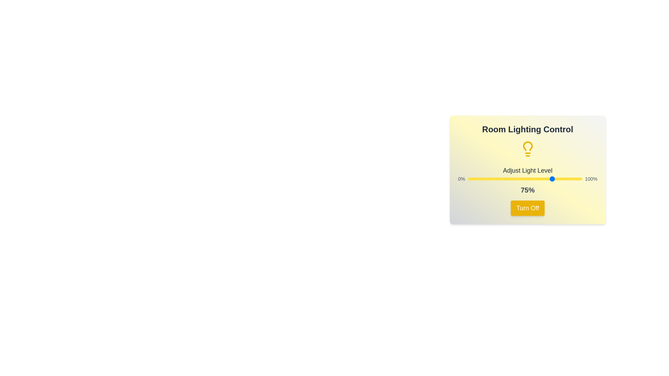 This screenshot has height=376, width=669. What do you see at coordinates (499, 178) in the screenshot?
I see `the light level to 28% by dragging the slider` at bounding box center [499, 178].